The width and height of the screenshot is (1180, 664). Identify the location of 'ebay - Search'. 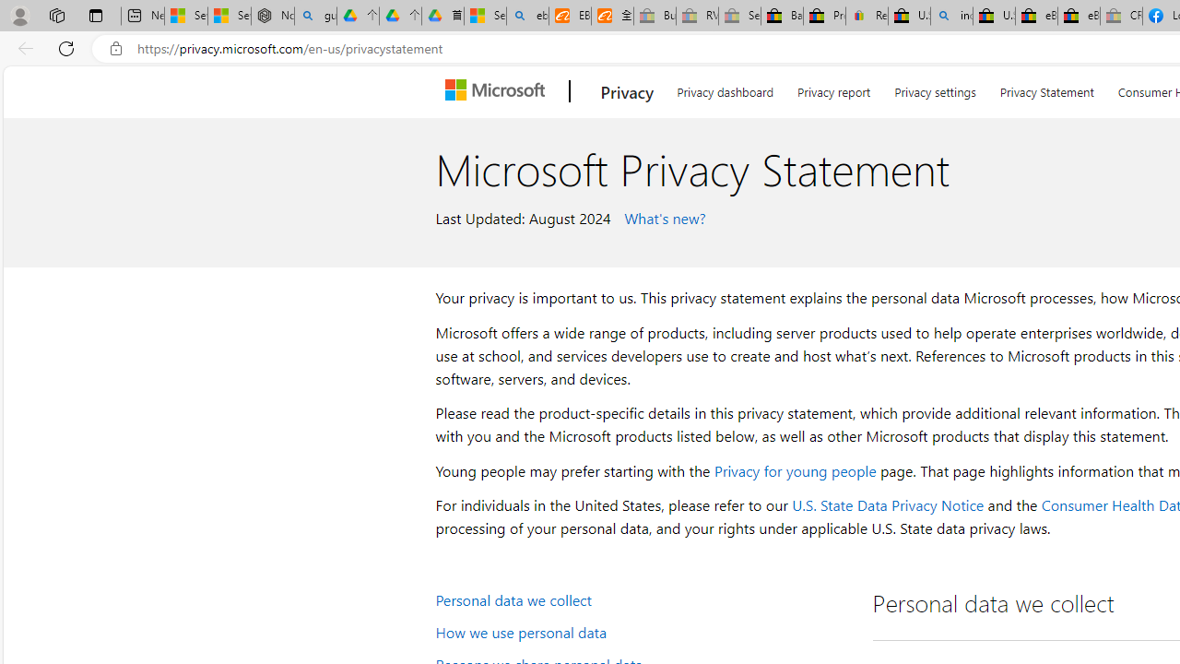
(526, 16).